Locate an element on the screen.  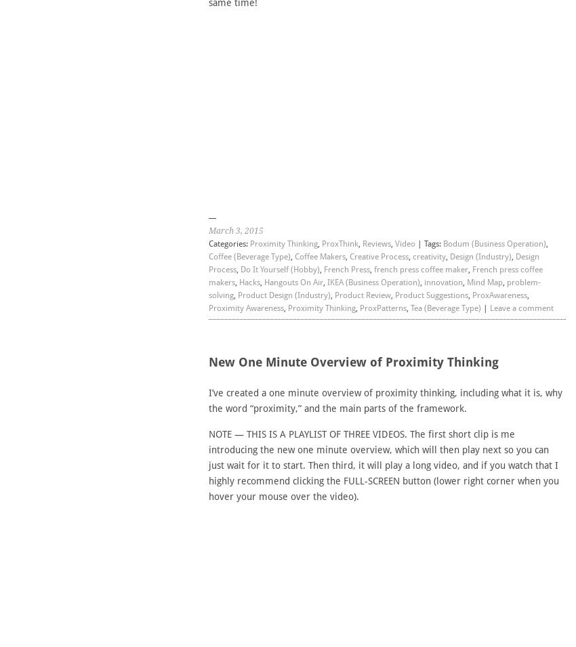
'IKEA (Business Operation)' is located at coordinates (372, 281).